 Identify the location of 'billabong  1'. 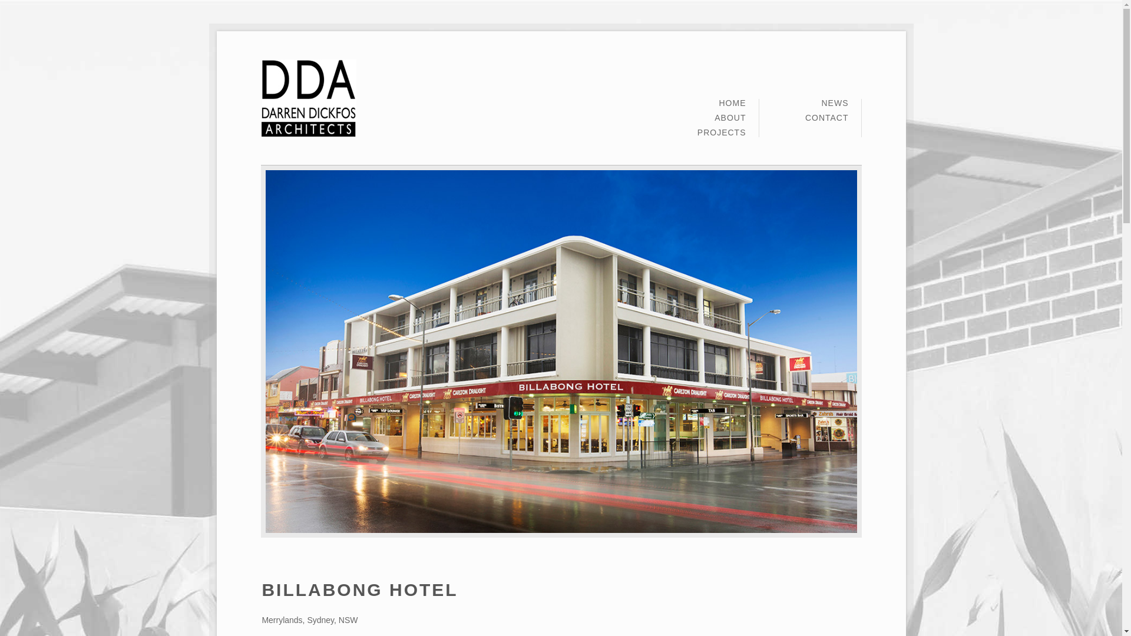
(560, 351).